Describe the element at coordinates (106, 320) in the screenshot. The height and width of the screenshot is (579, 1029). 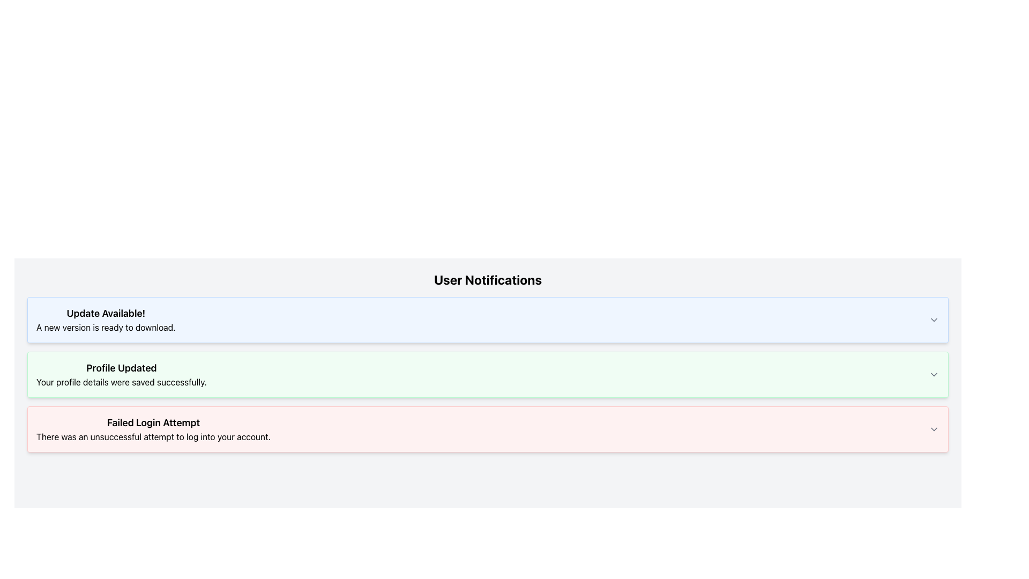
I see `the text display notification that states 'Update Available!' with a light blue background, which is the first item in the vertical column of notifications` at that location.